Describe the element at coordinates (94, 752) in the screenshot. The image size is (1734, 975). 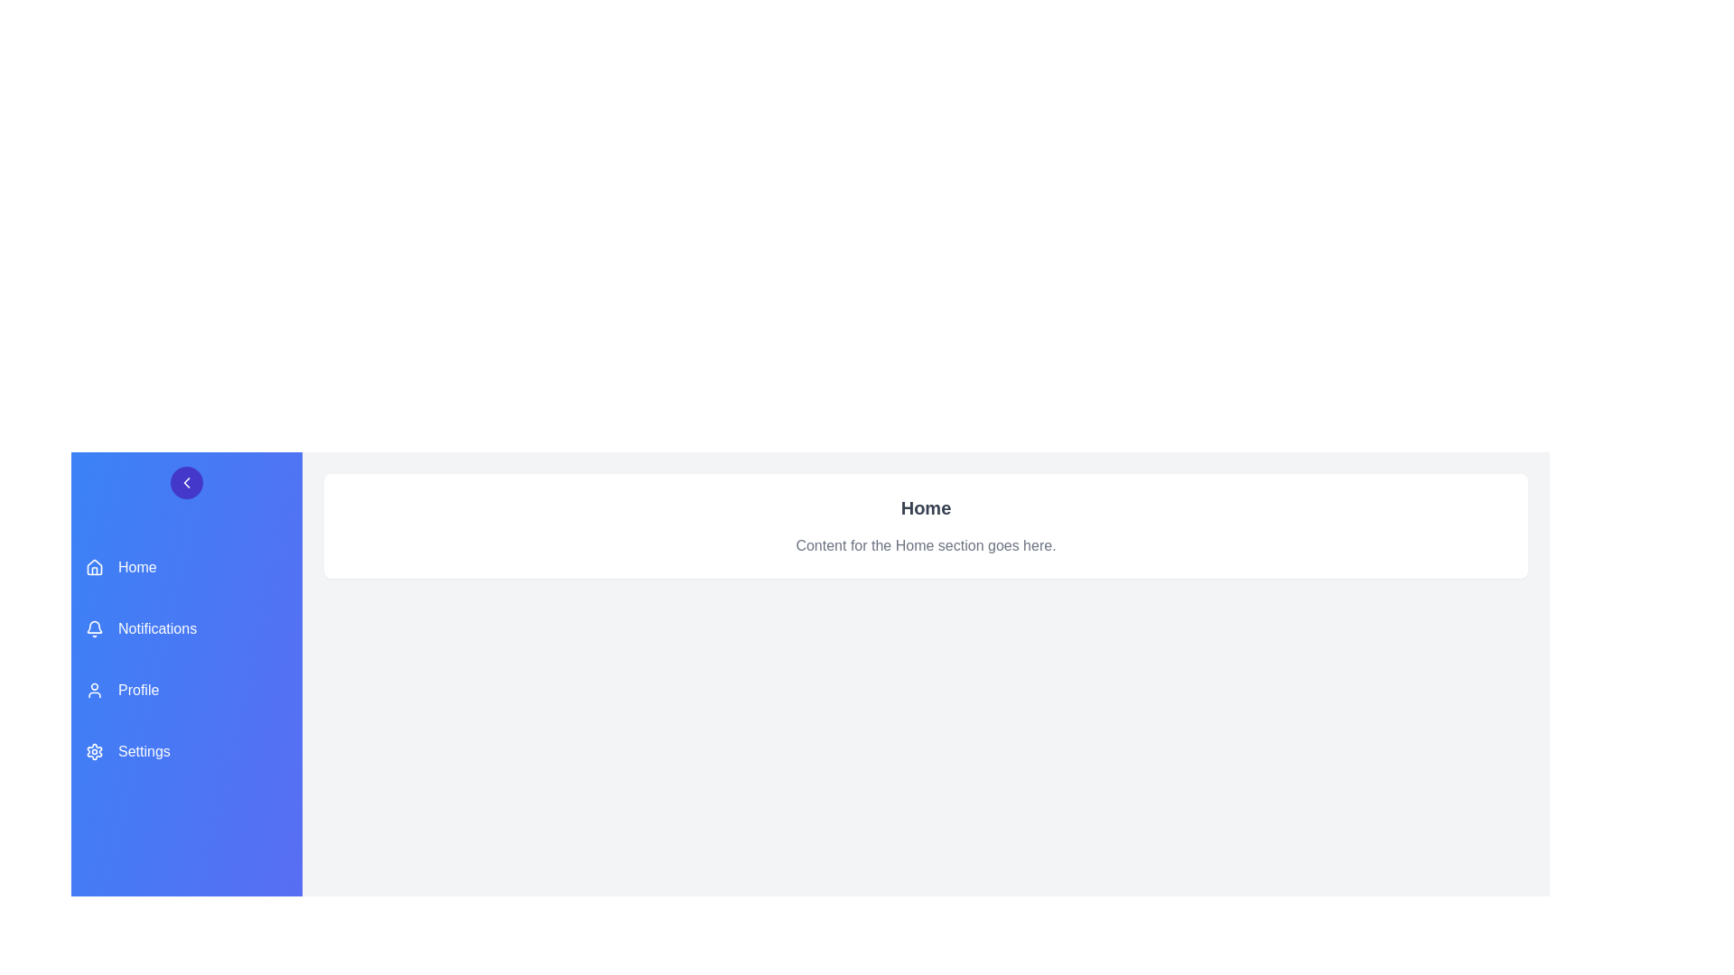
I see `the settings icon` at that location.